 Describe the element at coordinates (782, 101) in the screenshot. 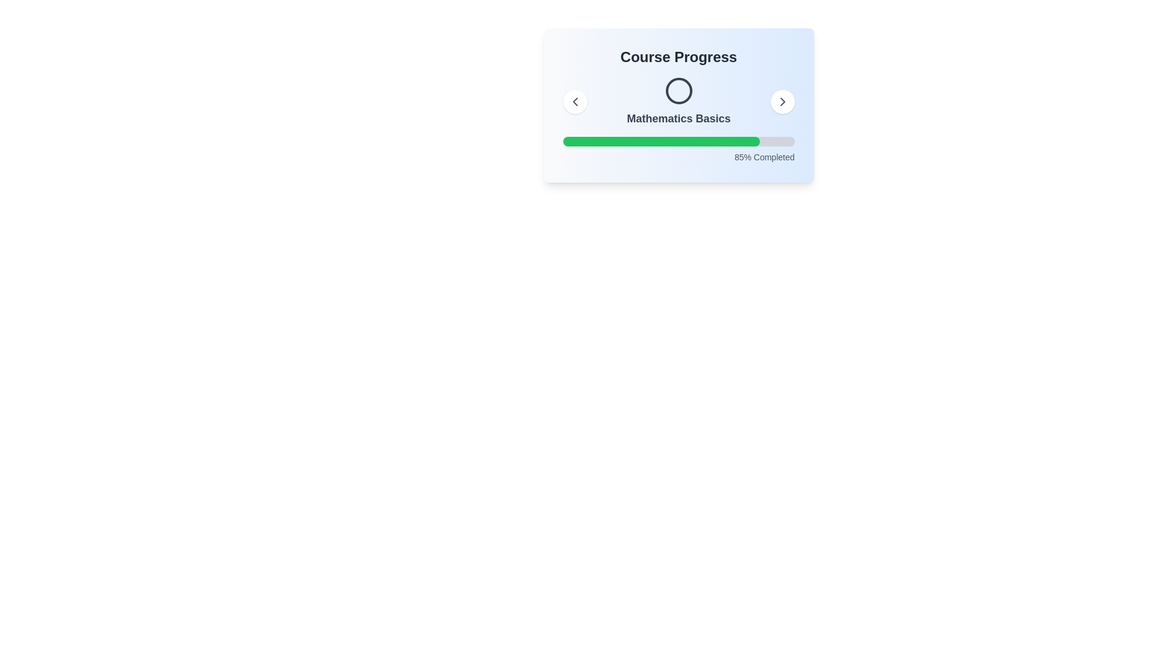

I see `the chevron icon located within a circular button on the right side of the card` at that location.